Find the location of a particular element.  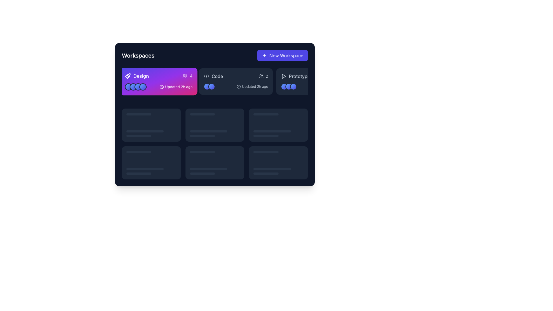

the Play Button (Icon), a triangular shape pointing to the right, located to the left of the 'Prototype' text in the upper-right workspace section is located at coordinates (283, 76).